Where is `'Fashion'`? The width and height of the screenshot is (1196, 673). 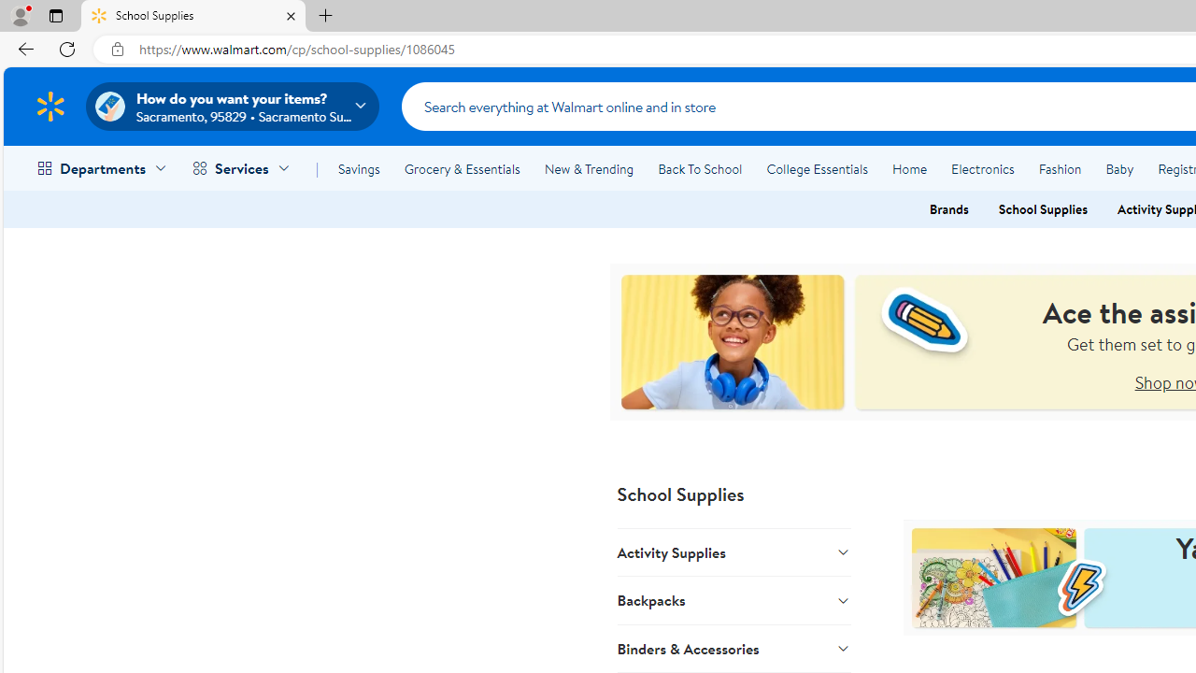
'Fashion' is located at coordinates (1060, 169).